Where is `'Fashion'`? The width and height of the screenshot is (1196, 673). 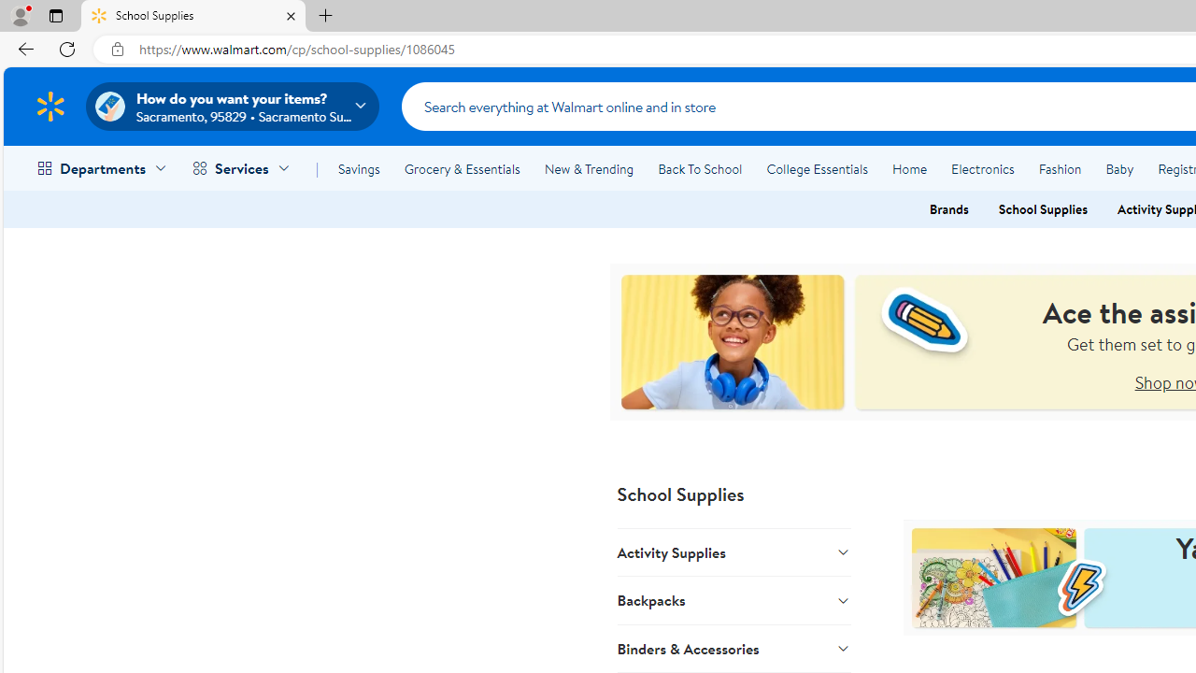
'Fashion' is located at coordinates (1060, 169).